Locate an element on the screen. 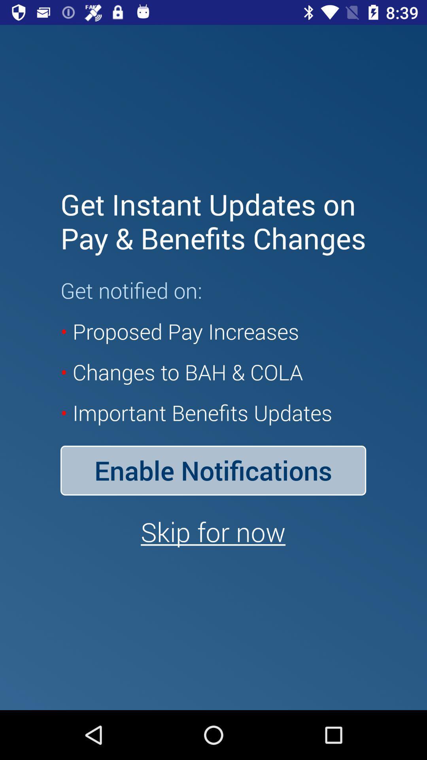 This screenshot has height=760, width=427. item above skip for now is located at coordinates (213, 470).